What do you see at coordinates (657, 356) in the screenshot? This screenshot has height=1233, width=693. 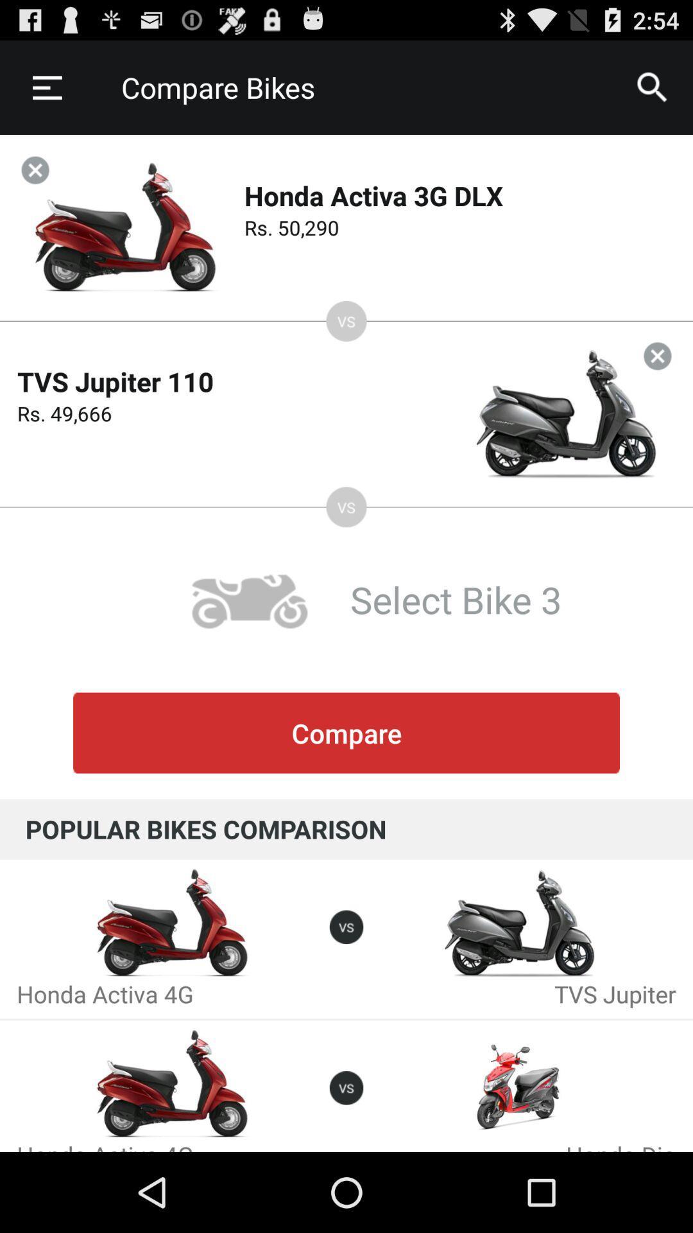 I see `tvs jupiter comparison` at bounding box center [657, 356].